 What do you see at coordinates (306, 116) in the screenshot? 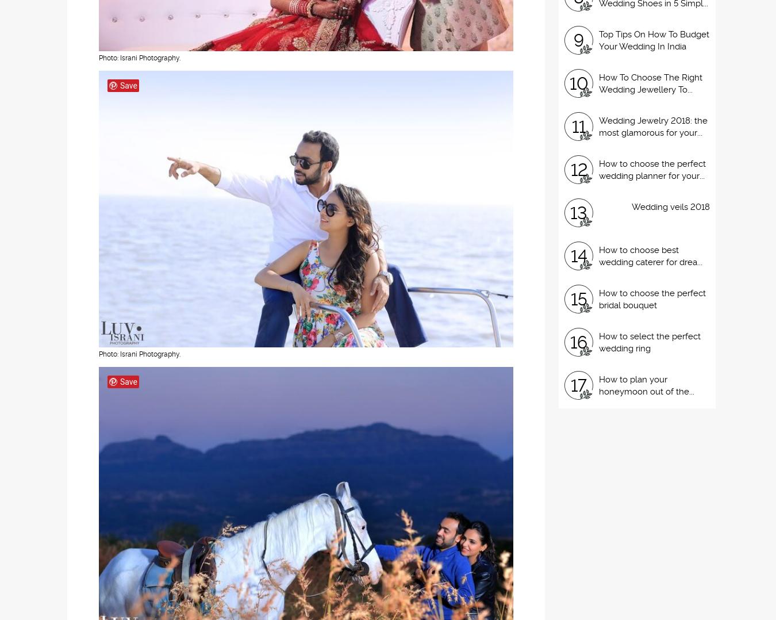
I see `'Pallavi decided to proposed to Karan in the most romantic way ever. After this, there was no looking back. The amazing wedding photography is done by The Knotty Story.'` at bounding box center [306, 116].